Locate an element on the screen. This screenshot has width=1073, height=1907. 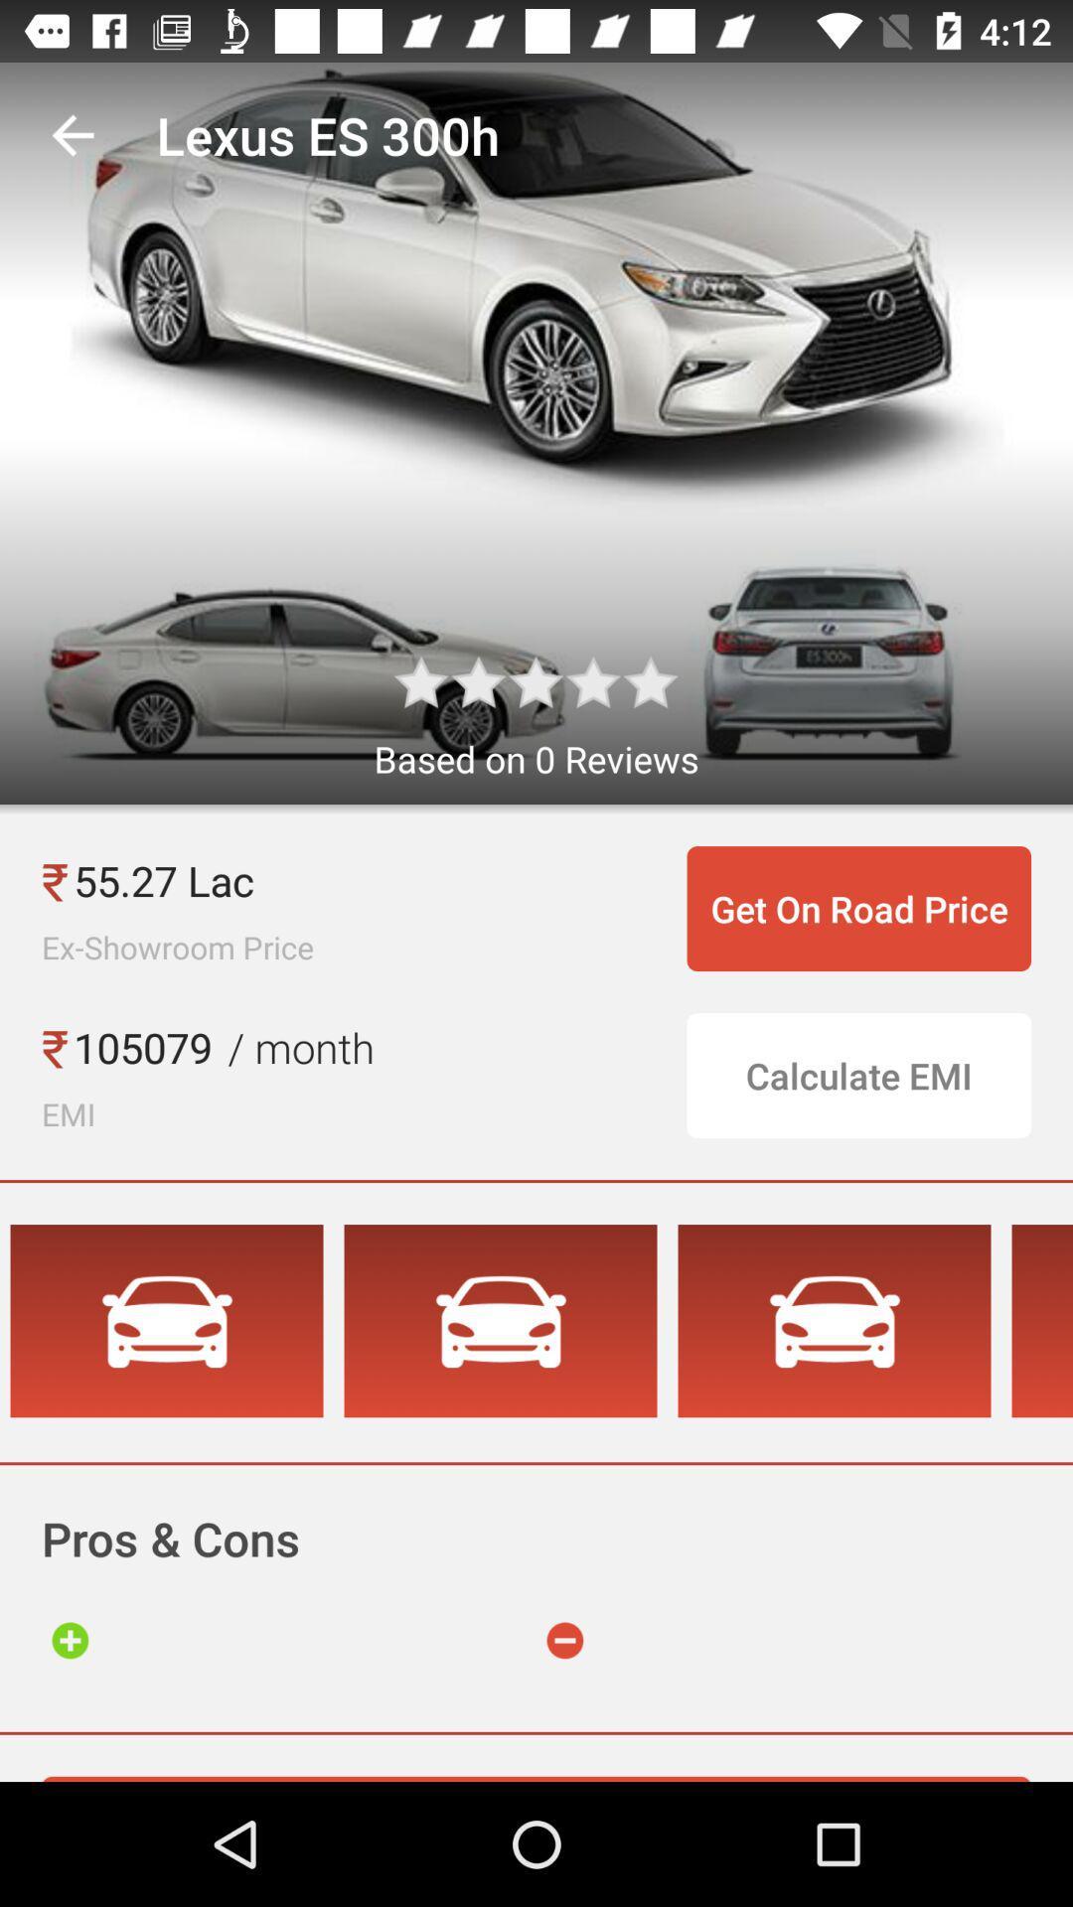
calculate emi is located at coordinates (857, 1075).